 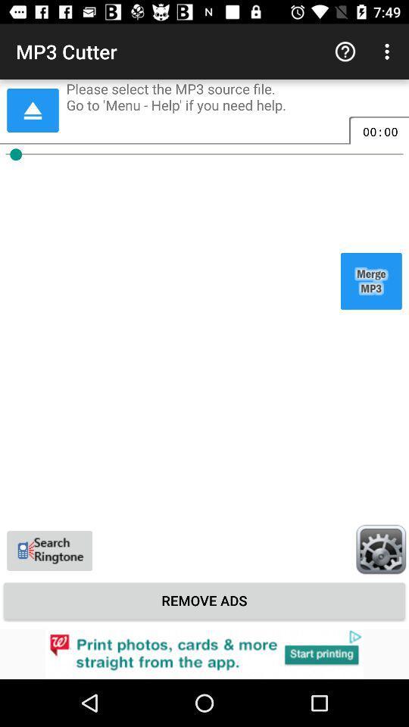 What do you see at coordinates (380, 548) in the screenshot?
I see `setting` at bounding box center [380, 548].